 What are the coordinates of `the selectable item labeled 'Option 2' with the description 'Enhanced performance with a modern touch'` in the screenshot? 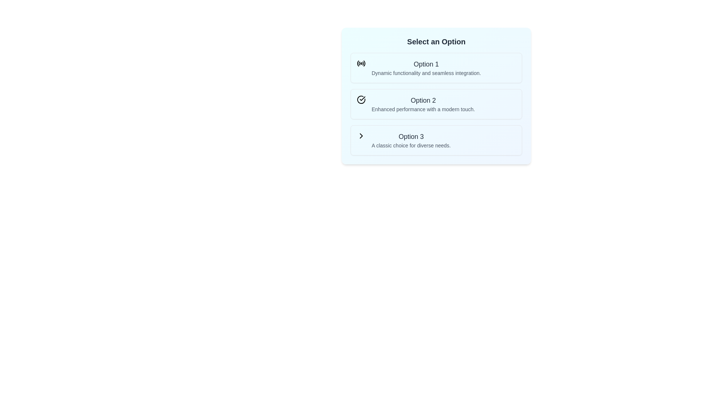 It's located at (436, 95).